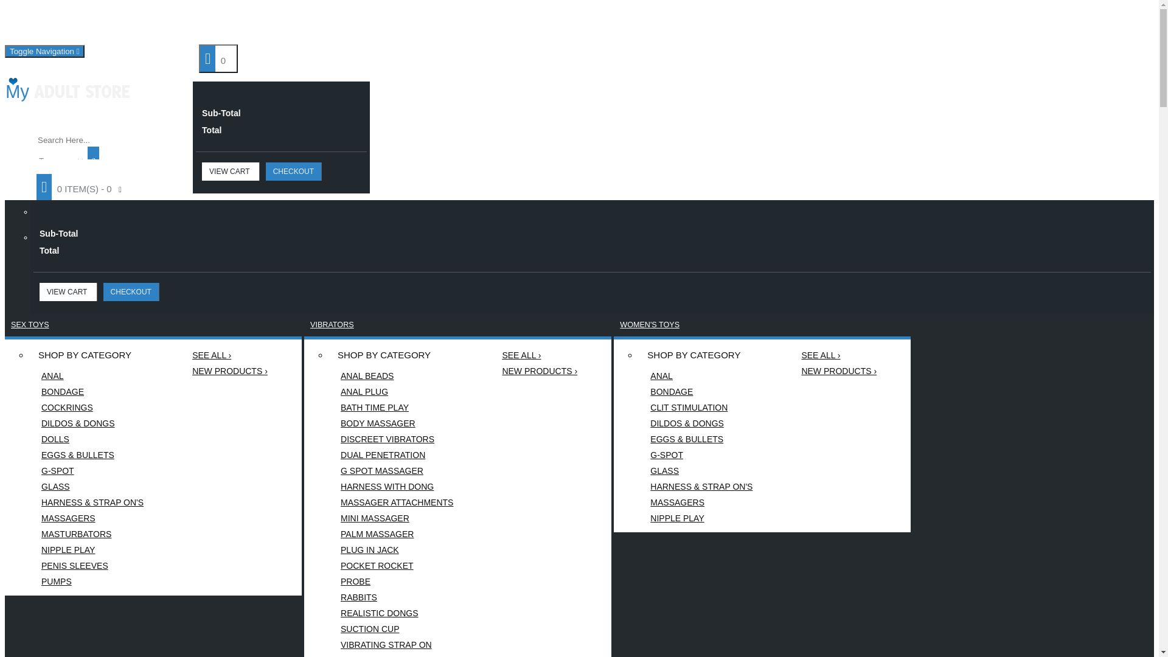 The image size is (1168, 657). Describe the element at coordinates (701, 485) in the screenshot. I see `'HARNESS & STRAP ON'S'` at that location.